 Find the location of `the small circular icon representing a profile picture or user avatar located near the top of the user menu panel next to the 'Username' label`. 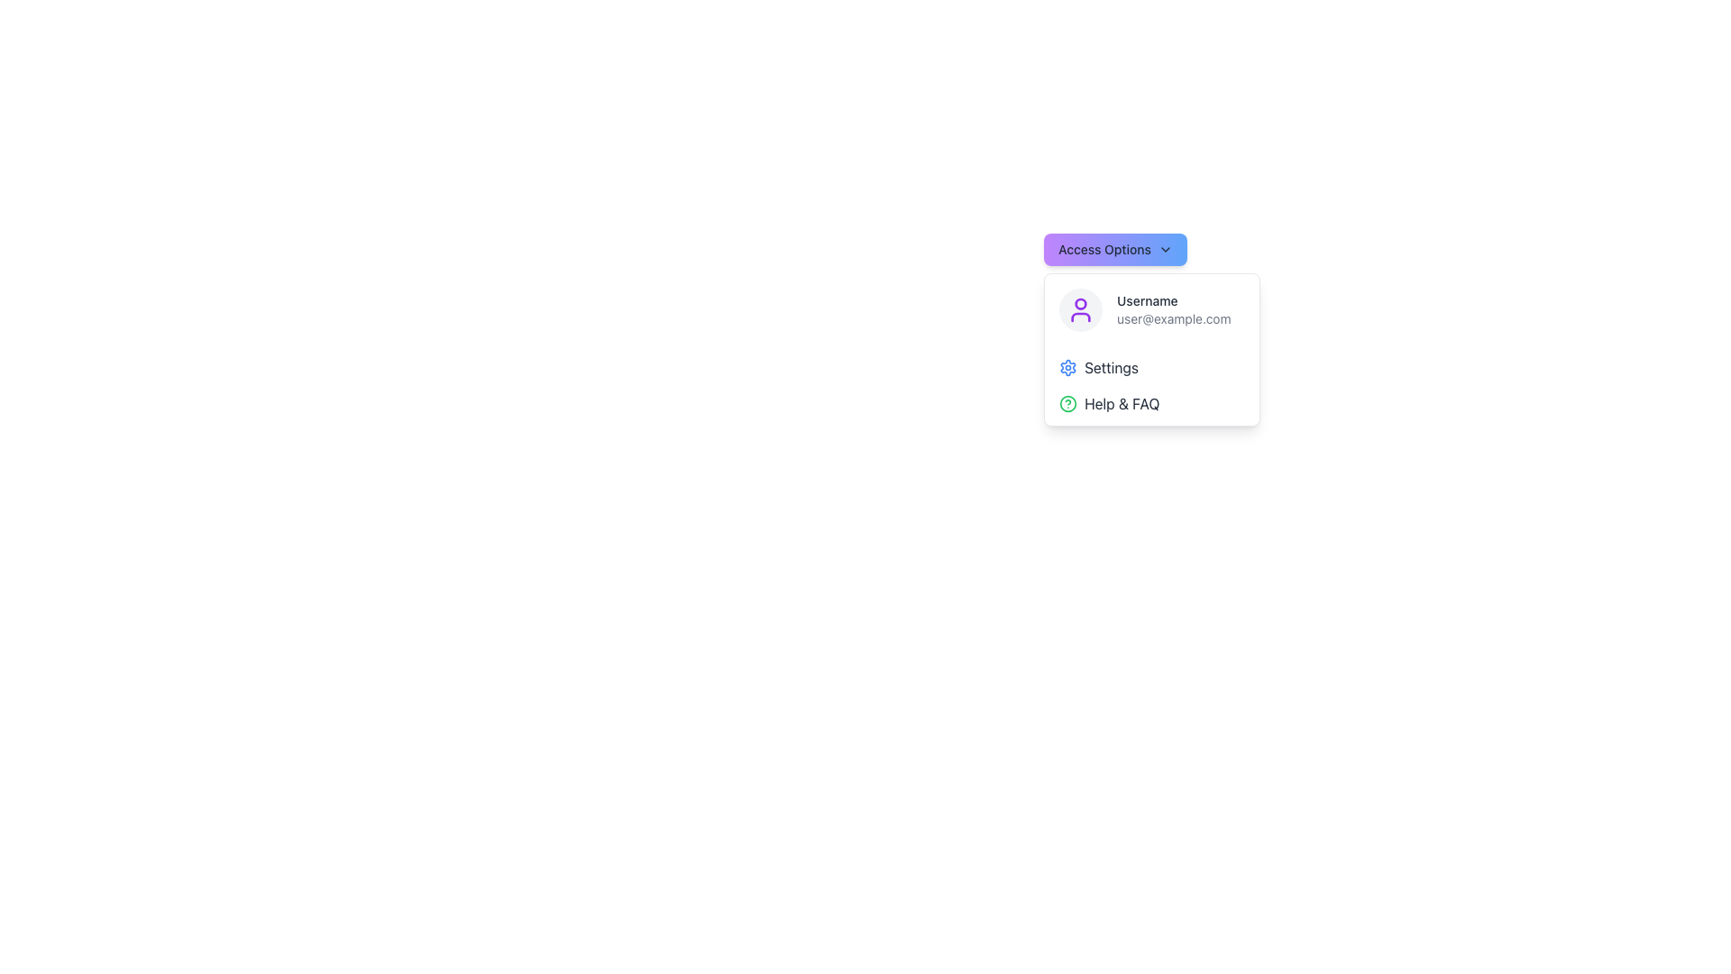

the small circular icon representing a profile picture or user avatar located near the top of the user menu panel next to the 'Username' label is located at coordinates (1081, 303).